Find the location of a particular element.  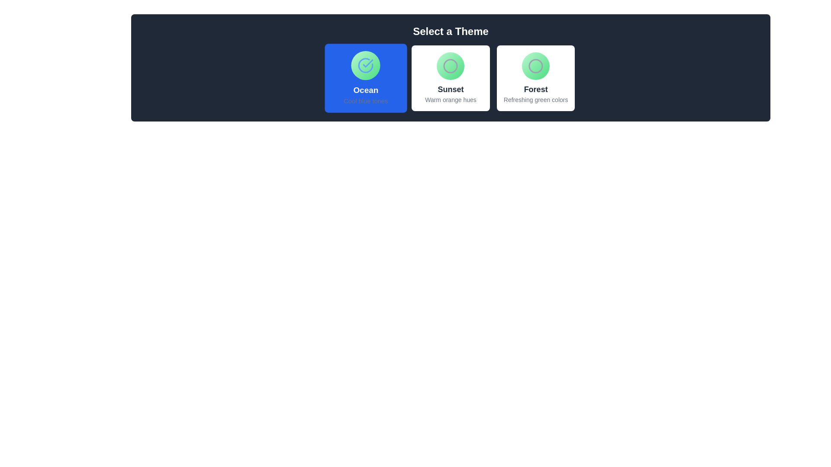

the Interactive Tile labeled 'Ocean' with a bright blue background and a circular gradient icon is located at coordinates (365, 78).